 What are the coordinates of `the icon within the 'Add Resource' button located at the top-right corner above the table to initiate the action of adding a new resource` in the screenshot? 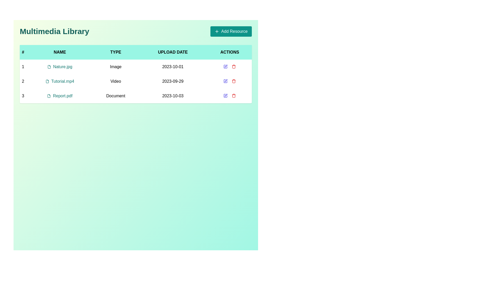 It's located at (217, 31).